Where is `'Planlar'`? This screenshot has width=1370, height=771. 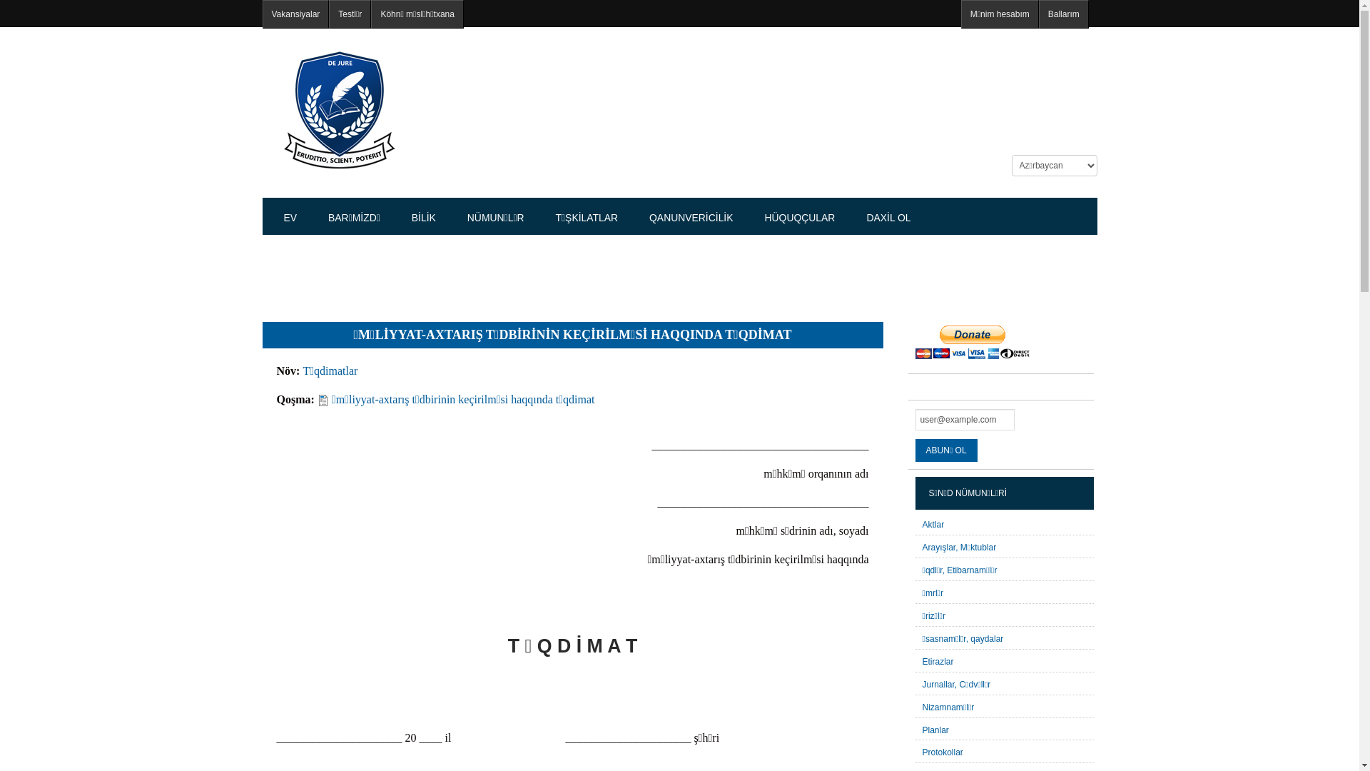
'Planlar' is located at coordinates (935, 730).